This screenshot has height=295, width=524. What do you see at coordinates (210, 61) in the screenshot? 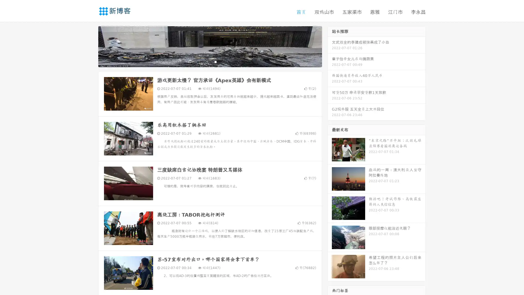
I see `Go to slide 2` at bounding box center [210, 61].